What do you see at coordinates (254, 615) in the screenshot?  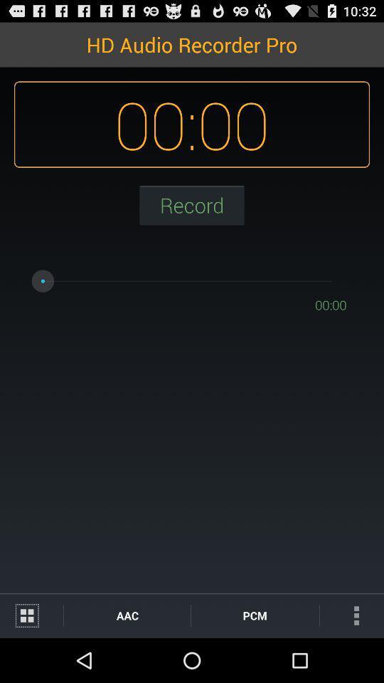 I see `pcm` at bounding box center [254, 615].